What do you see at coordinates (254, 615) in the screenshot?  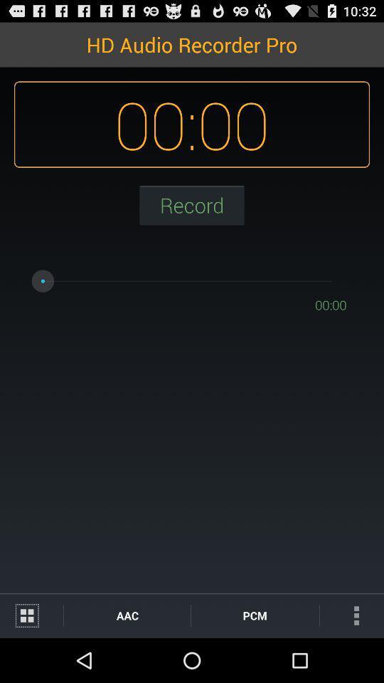 I see `pcm` at bounding box center [254, 615].